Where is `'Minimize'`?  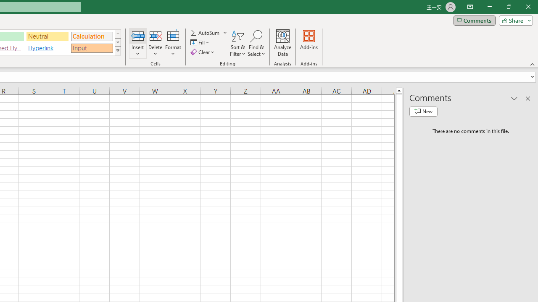 'Minimize' is located at coordinates (489, 7).